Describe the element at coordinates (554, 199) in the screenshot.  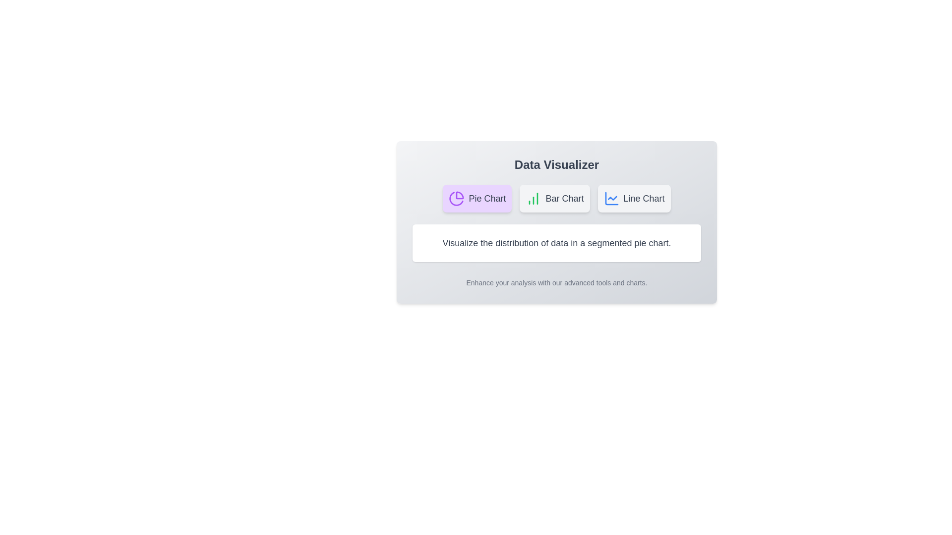
I see `the Bar Chart chart by clicking on the respective tab button` at that location.